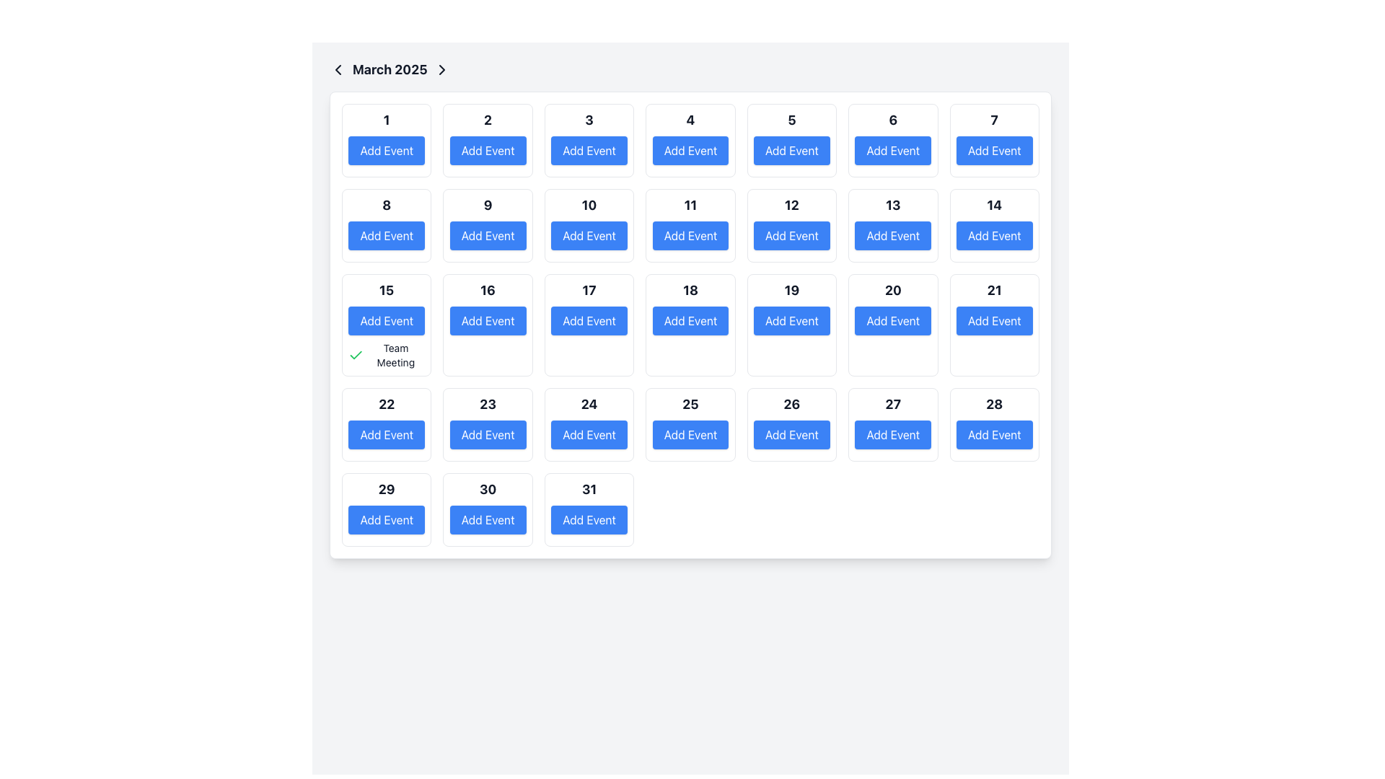 Image resolution: width=1385 pixels, height=779 pixels. Describe the element at coordinates (791, 141) in the screenshot. I see `the 'Add Event' button related to date-based event management, located` at that location.